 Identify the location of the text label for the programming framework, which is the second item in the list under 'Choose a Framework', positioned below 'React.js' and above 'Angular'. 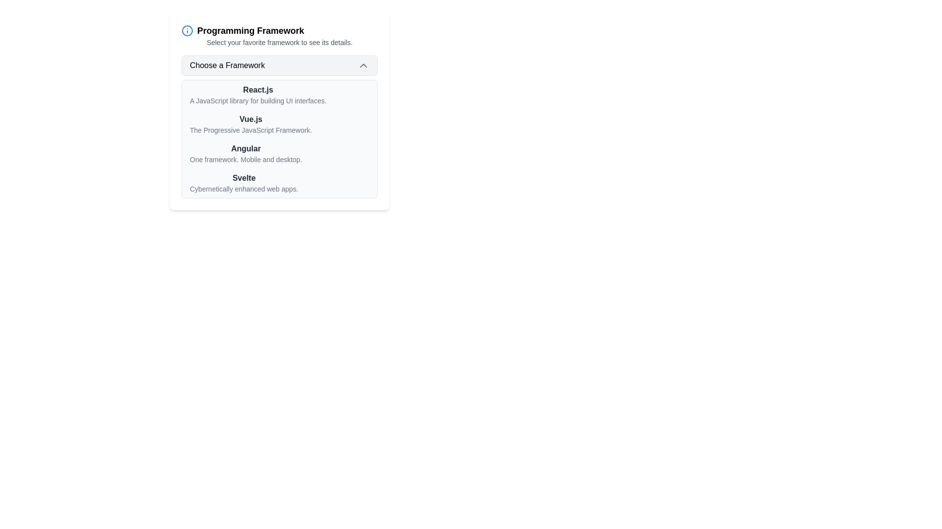
(251, 119).